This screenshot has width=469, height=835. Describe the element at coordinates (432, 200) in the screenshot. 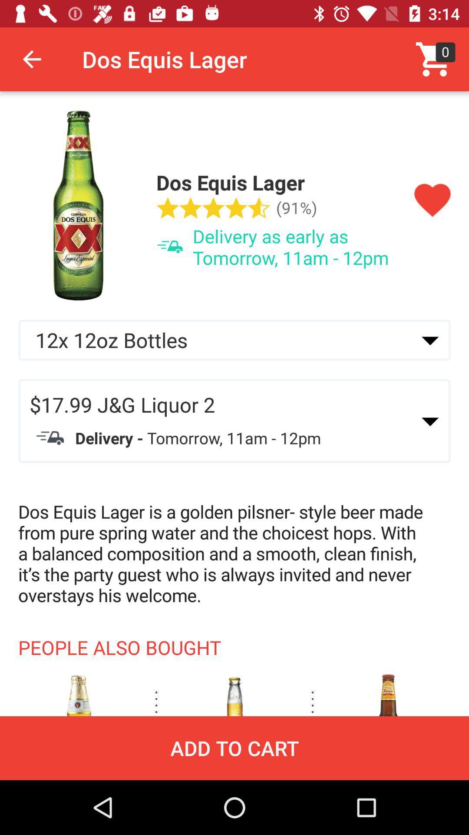

I see `like this item` at that location.